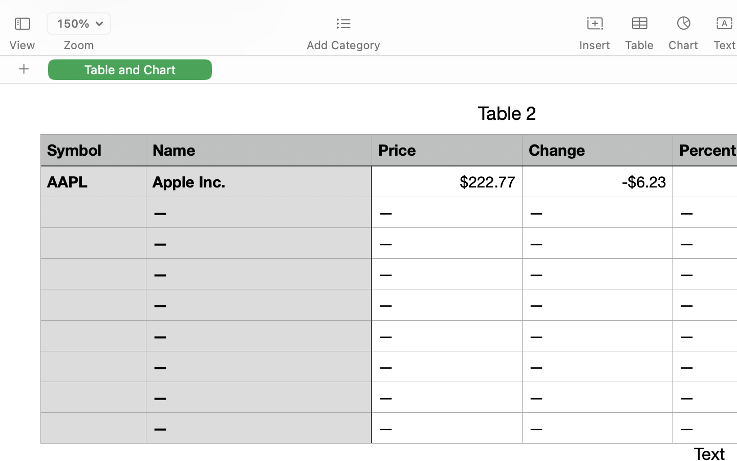 The width and height of the screenshot is (737, 461). Describe the element at coordinates (343, 45) in the screenshot. I see `'Add Category'` at that location.